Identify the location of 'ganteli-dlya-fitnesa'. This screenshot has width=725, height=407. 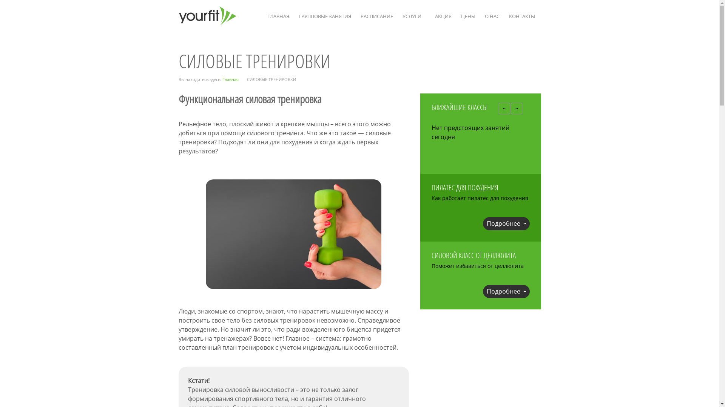
(293, 234).